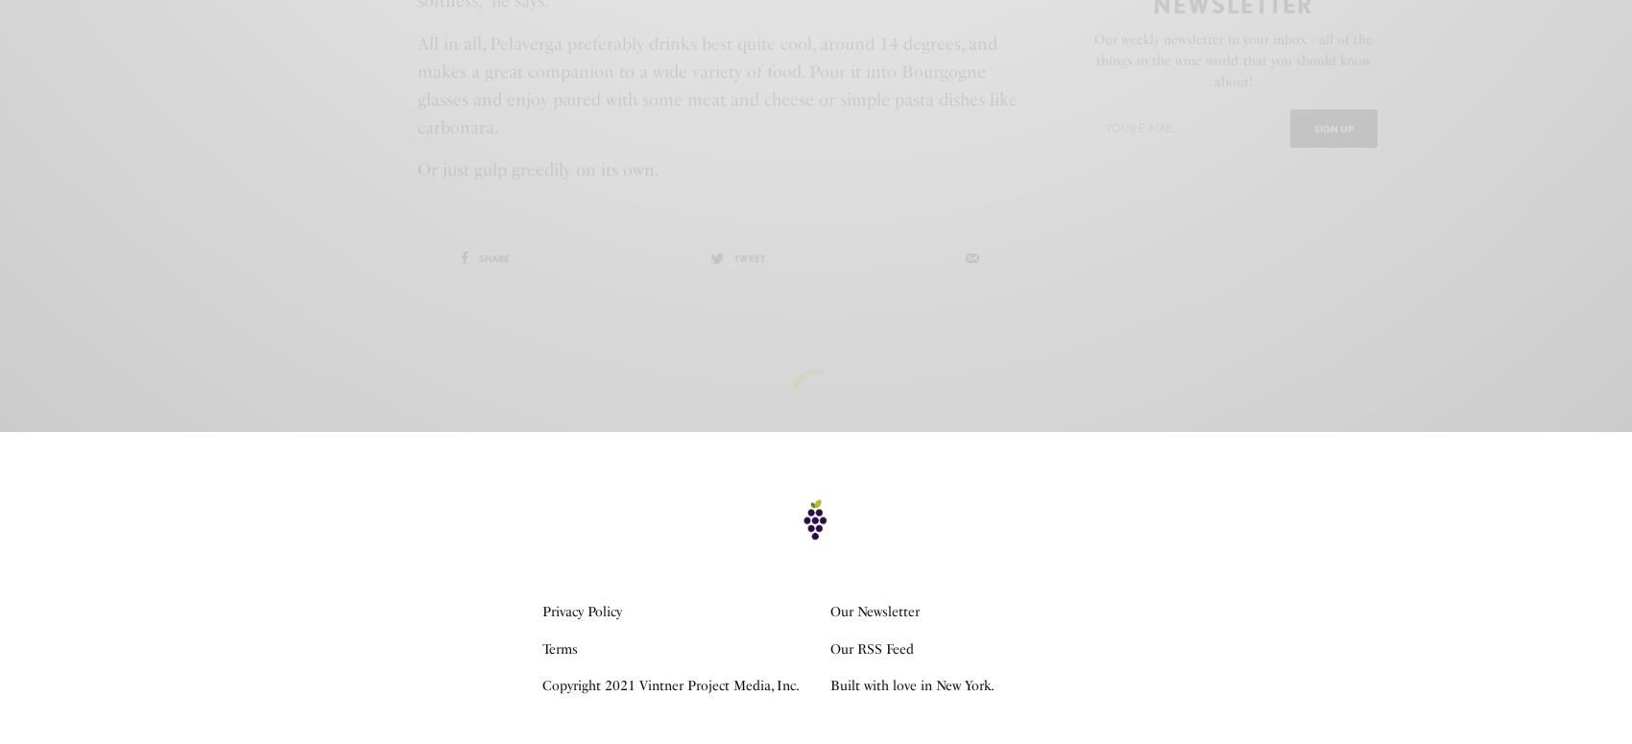 This screenshot has width=1632, height=744. What do you see at coordinates (1332, 126) in the screenshot?
I see `'SIGN UP'` at bounding box center [1332, 126].